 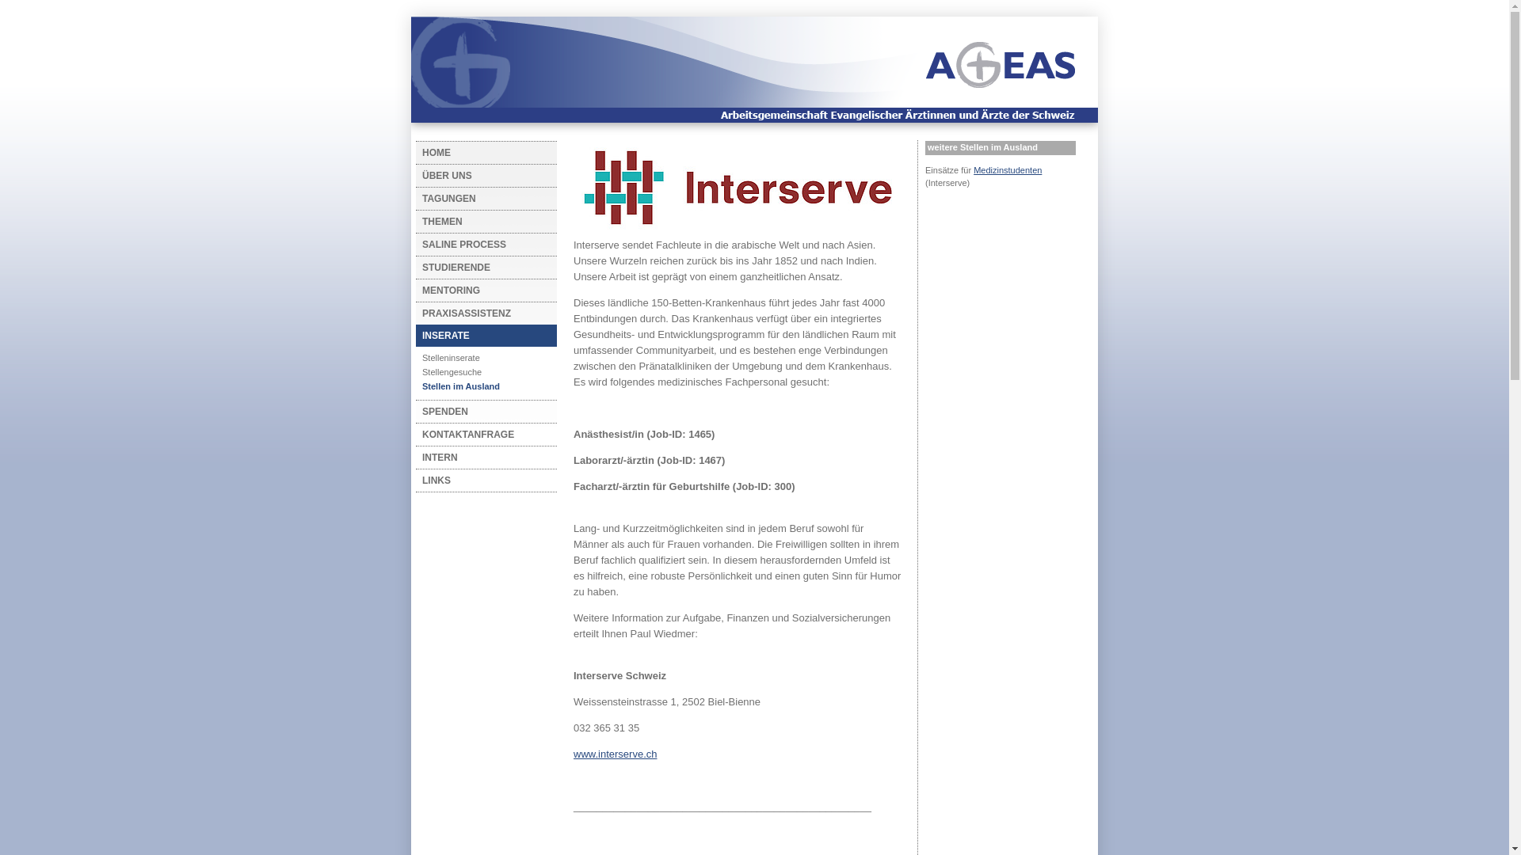 What do you see at coordinates (480, 313) in the screenshot?
I see `'PRAXISASSISTENZ'` at bounding box center [480, 313].